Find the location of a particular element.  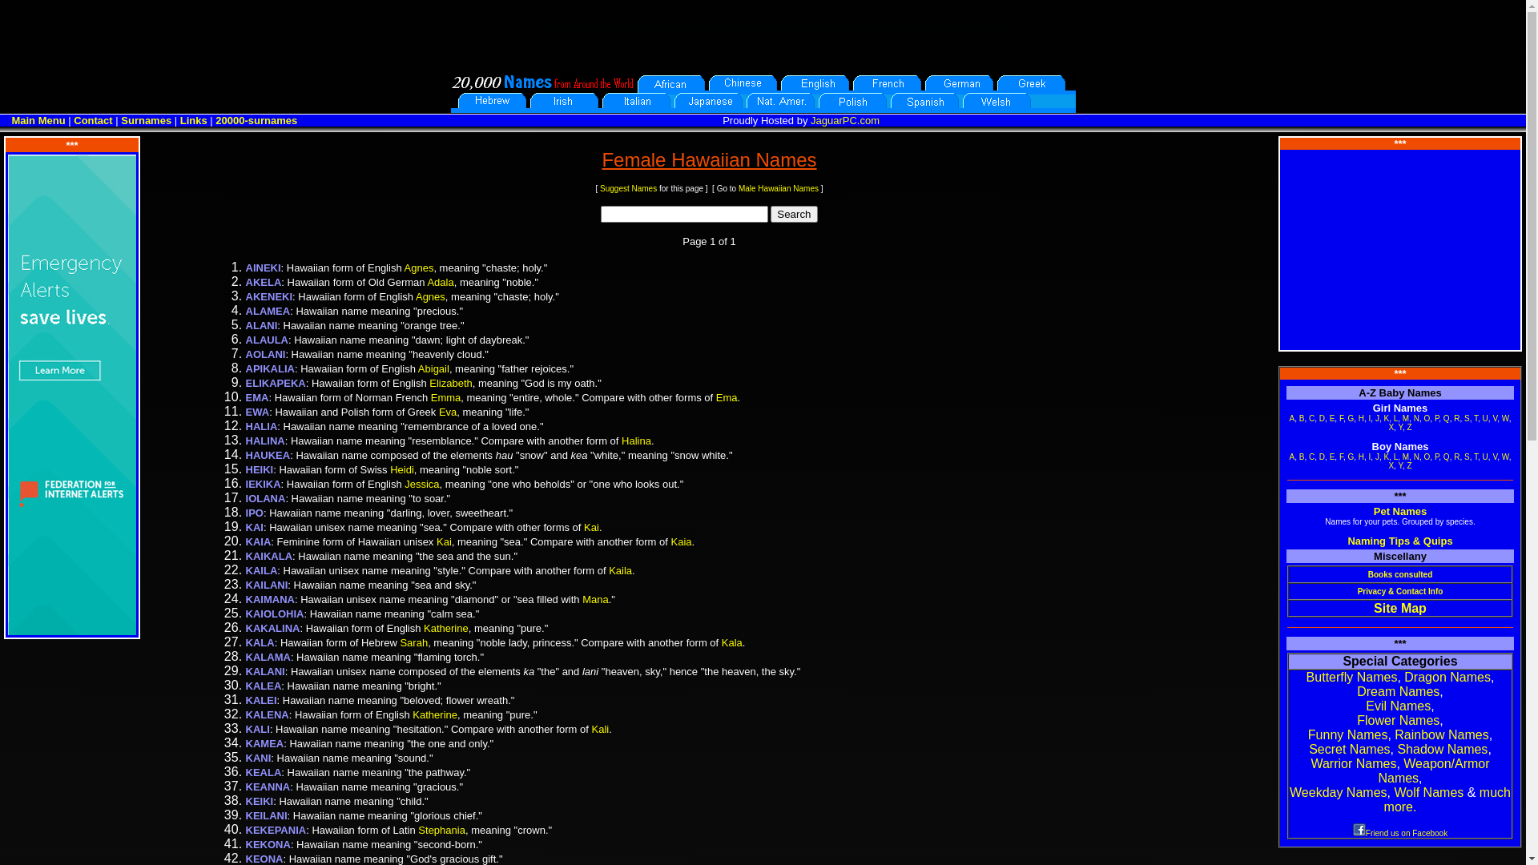

'P' is located at coordinates (1436, 417).